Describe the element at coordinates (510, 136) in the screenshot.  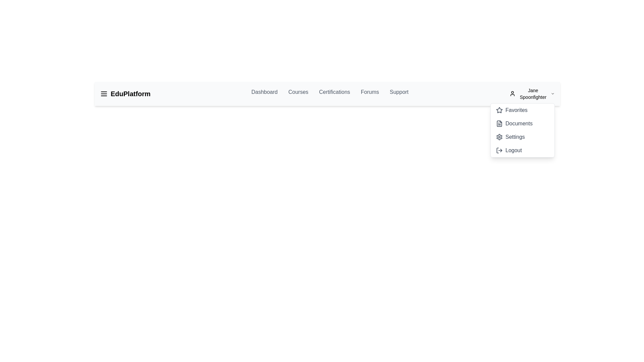
I see `the third item in the dropdown menu under 'Jane Spoonfighter'` at that location.